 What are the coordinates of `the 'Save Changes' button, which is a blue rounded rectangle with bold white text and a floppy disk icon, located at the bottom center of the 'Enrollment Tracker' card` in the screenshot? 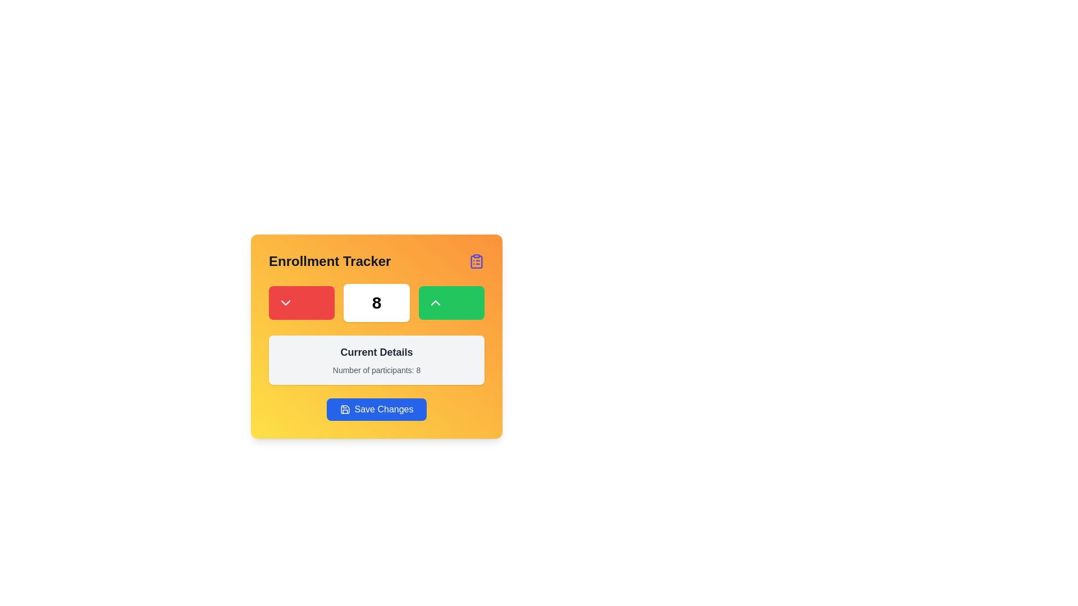 It's located at (377, 409).